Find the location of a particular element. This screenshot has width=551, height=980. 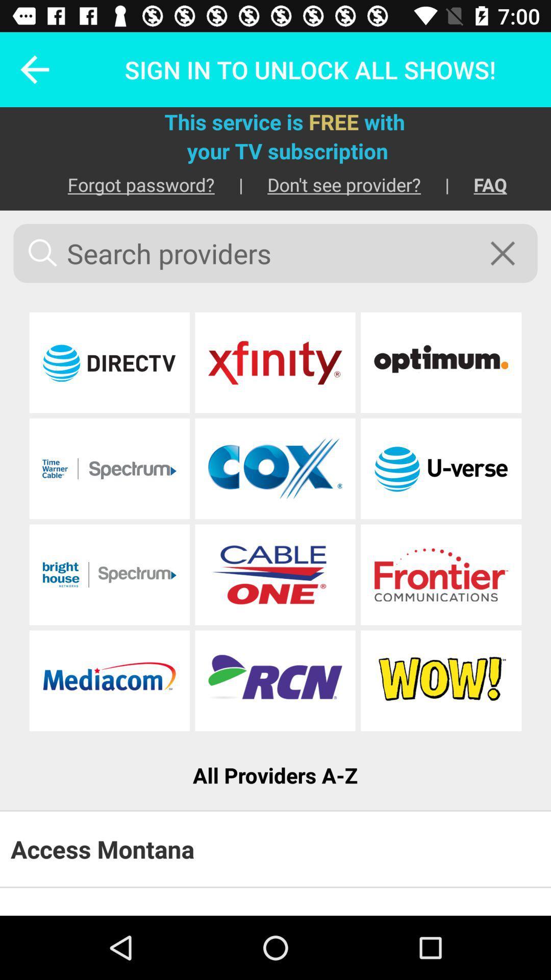

sign in with bright house spectrum is located at coordinates (109, 575).